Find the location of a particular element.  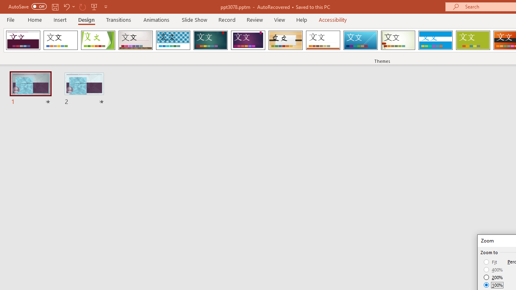

'View' is located at coordinates (279, 19).